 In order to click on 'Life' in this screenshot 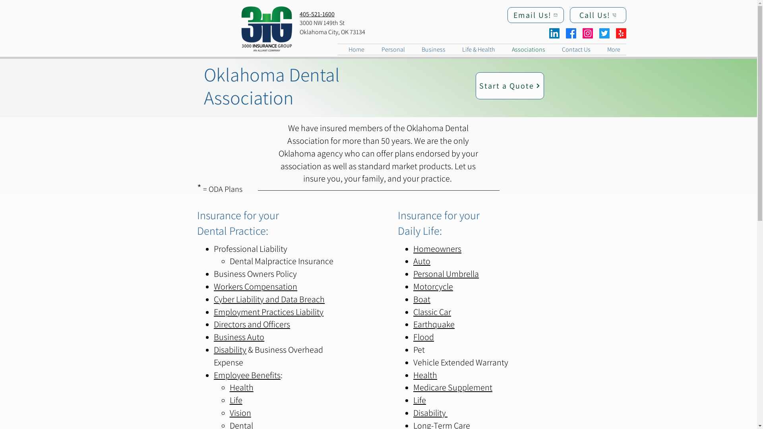, I will do `click(419, 400)`.